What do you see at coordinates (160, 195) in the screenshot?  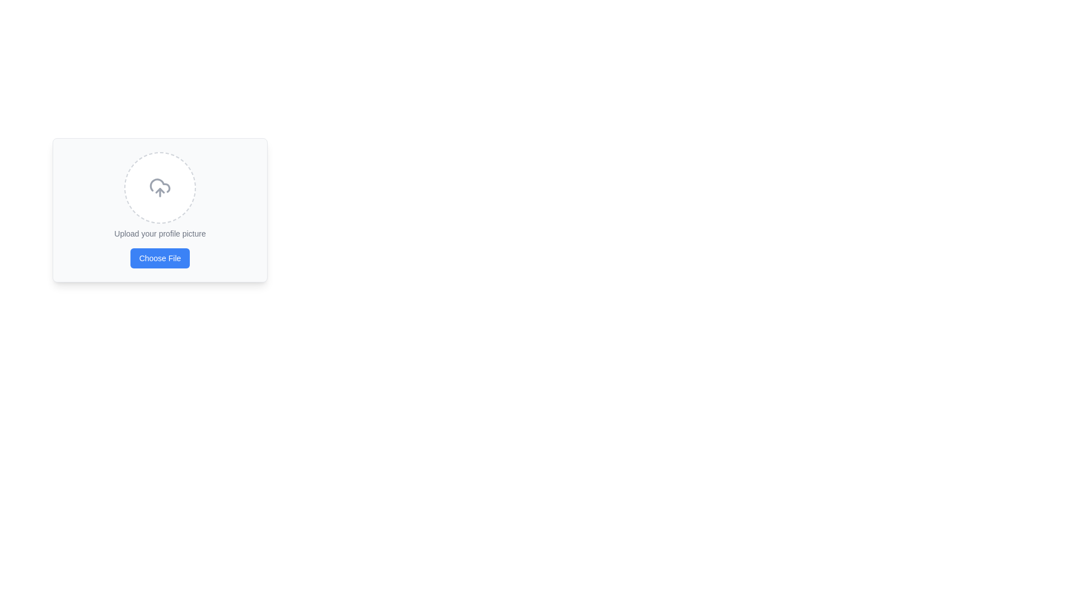 I see `and drop a file into the Upload area, which features a dashed circular outline with a cloud upload icon and the label 'Upload your profile picture' below it` at bounding box center [160, 195].